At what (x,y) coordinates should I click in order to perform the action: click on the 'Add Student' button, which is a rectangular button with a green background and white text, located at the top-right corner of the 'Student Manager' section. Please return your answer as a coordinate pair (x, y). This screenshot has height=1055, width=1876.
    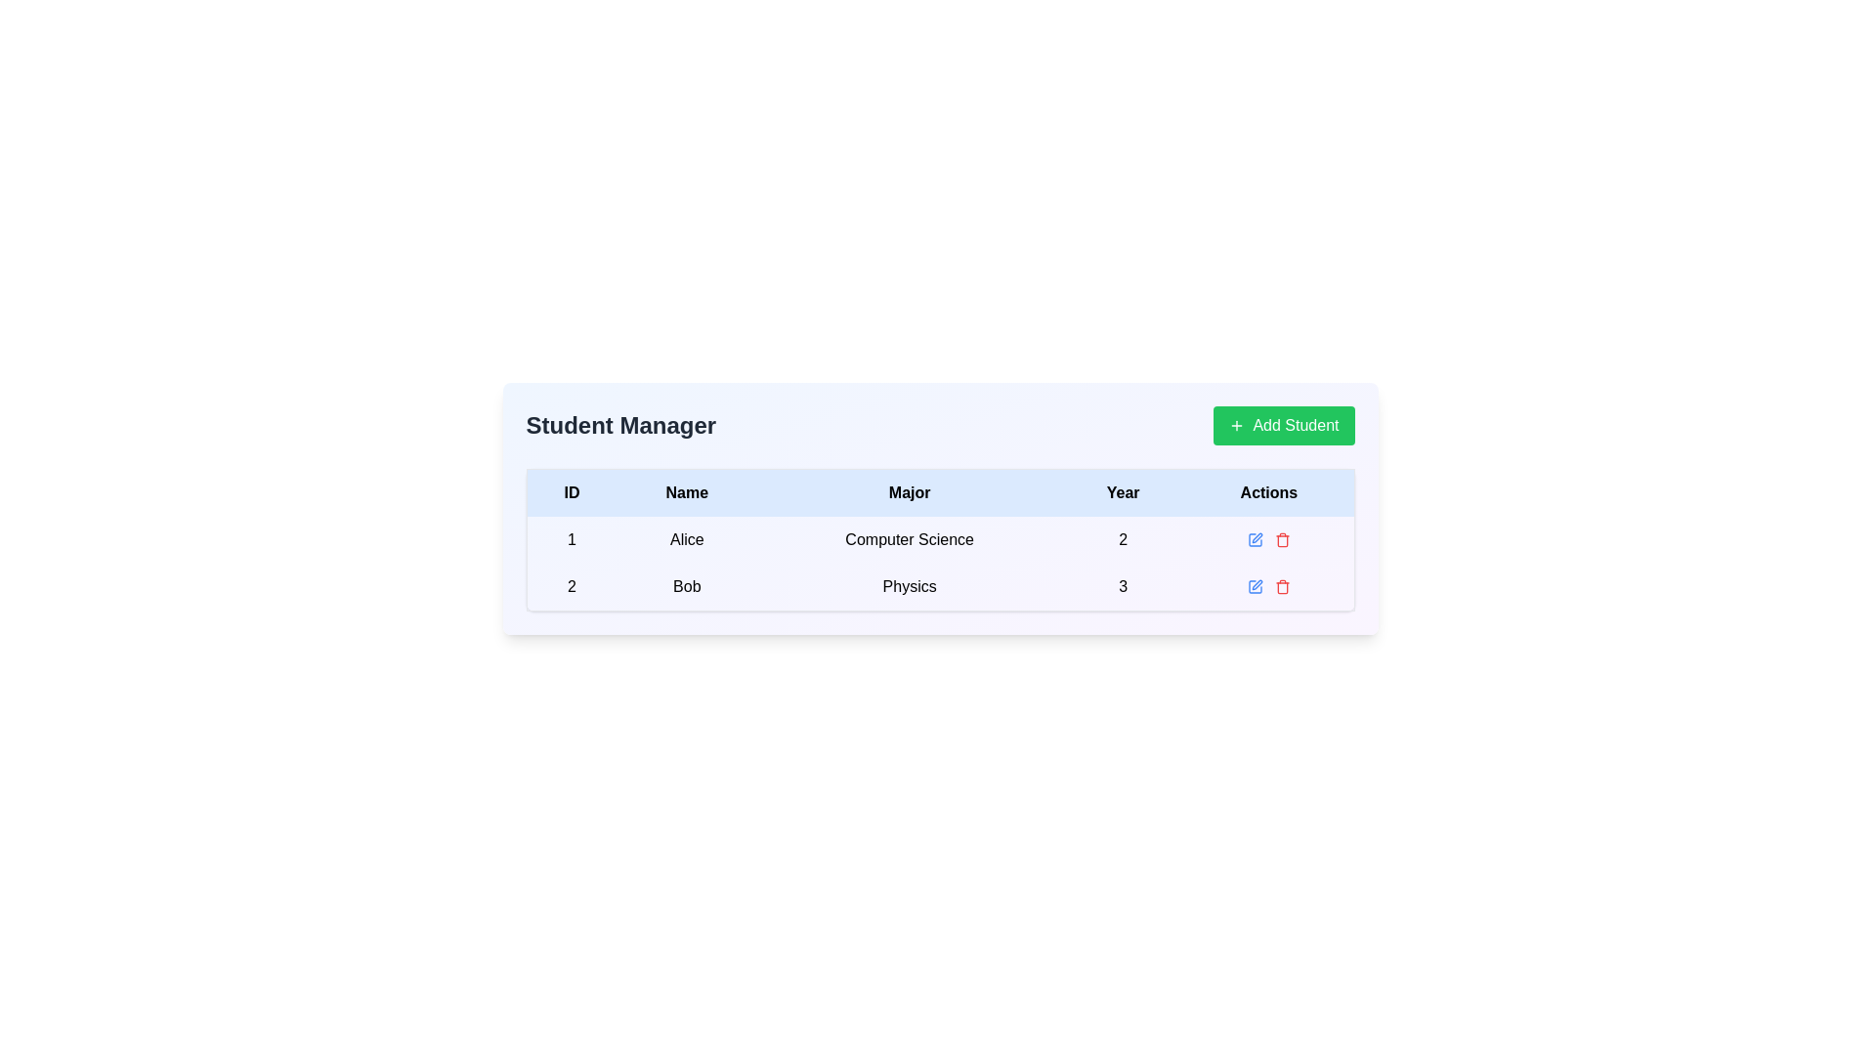
    Looking at the image, I should click on (1284, 424).